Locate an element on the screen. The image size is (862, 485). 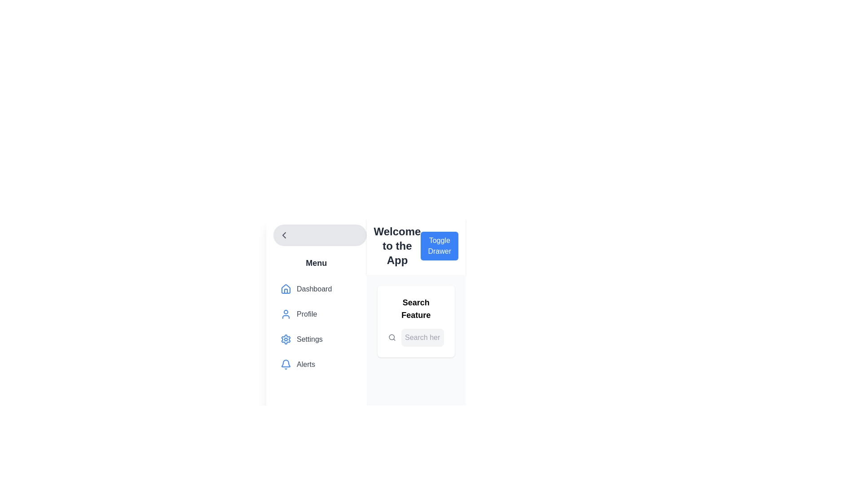
the 'Alerts' text label in the sidebar menu is located at coordinates (306, 365).